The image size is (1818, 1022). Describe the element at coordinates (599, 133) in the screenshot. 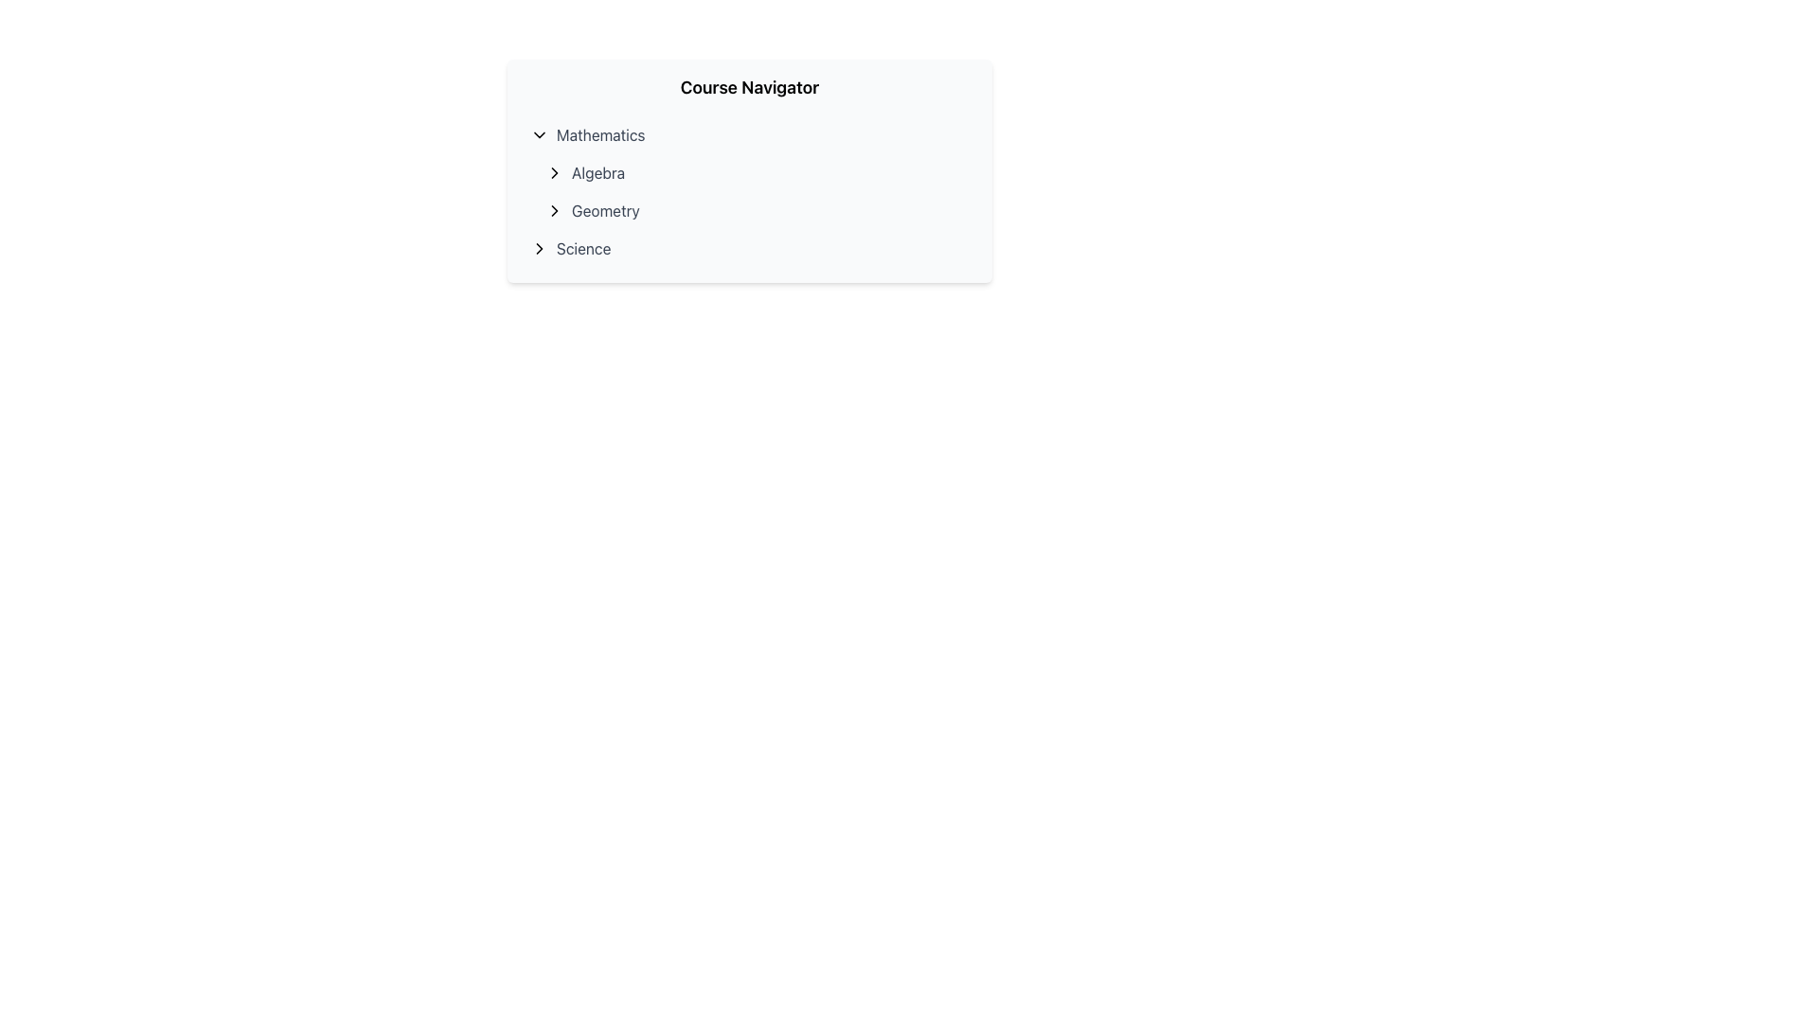

I see `the text label displaying 'Mathematics' in the navigation menu under 'Course Navigator'` at that location.